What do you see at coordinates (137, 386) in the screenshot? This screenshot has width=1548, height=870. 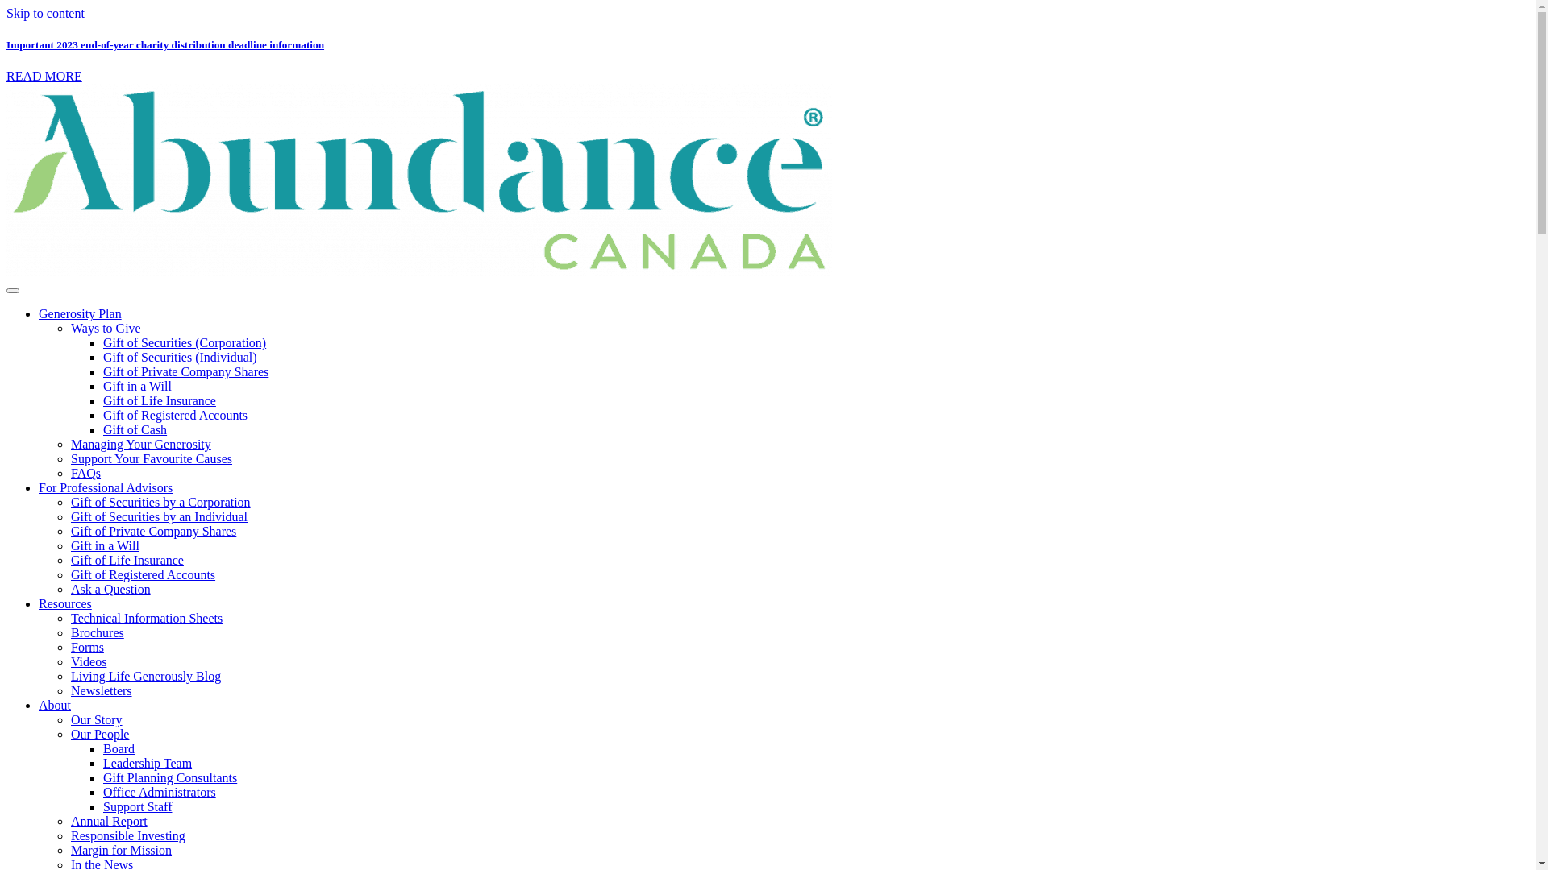 I see `'Gift in a Will'` at bounding box center [137, 386].